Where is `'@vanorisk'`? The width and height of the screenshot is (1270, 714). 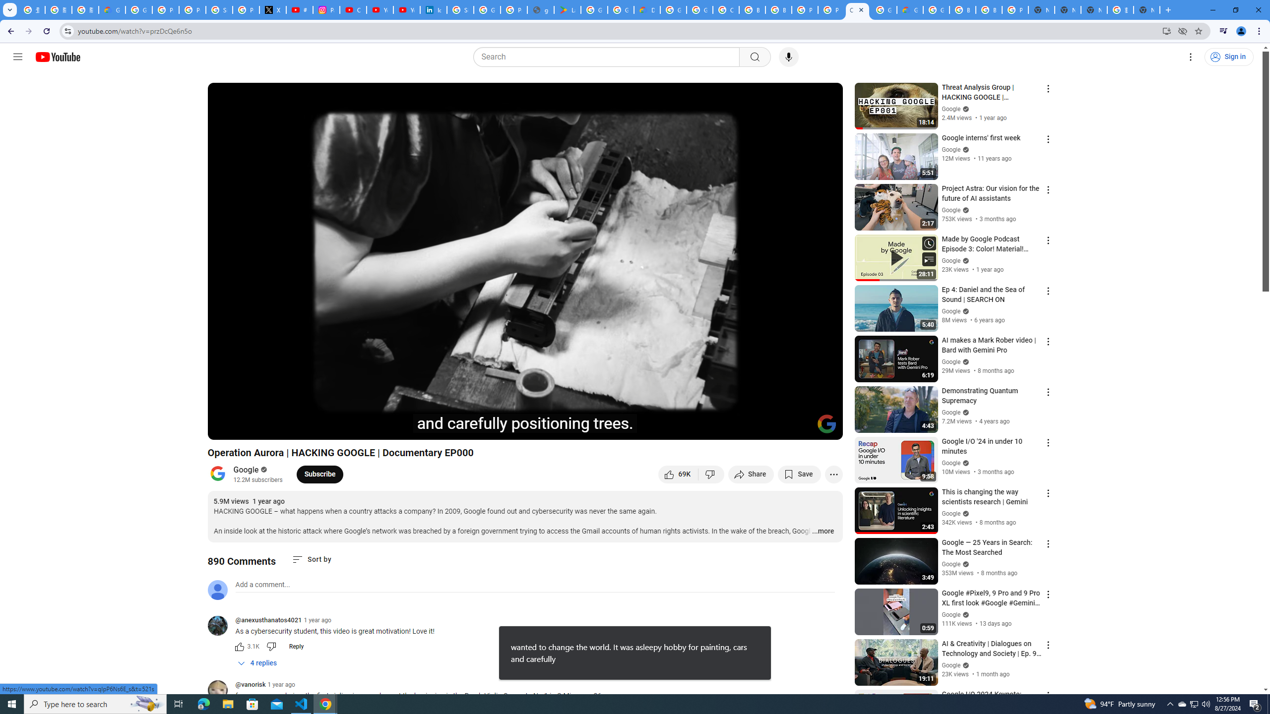
'@vanorisk' is located at coordinates (221, 691).